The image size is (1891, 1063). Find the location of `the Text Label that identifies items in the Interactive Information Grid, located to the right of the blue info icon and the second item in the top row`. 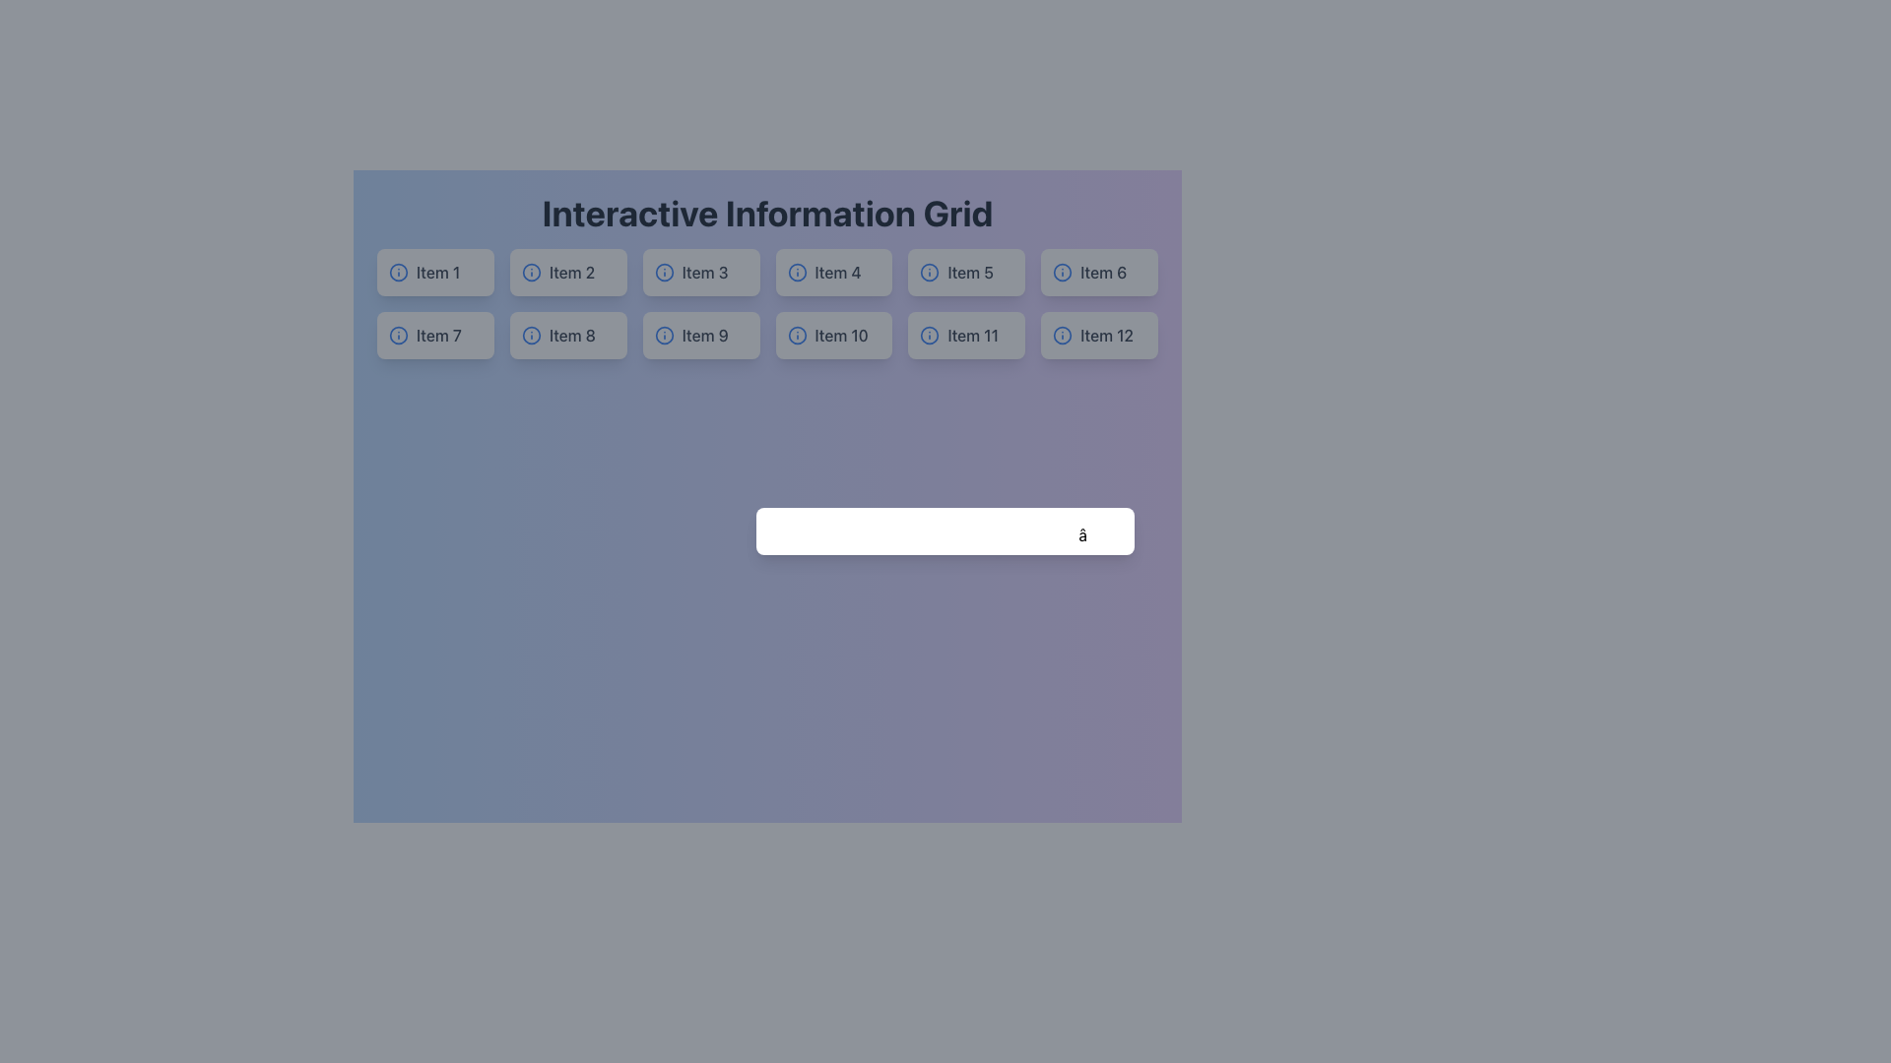

the Text Label that identifies items in the Interactive Information Grid, located to the right of the blue info icon and the second item in the top row is located at coordinates (570, 273).